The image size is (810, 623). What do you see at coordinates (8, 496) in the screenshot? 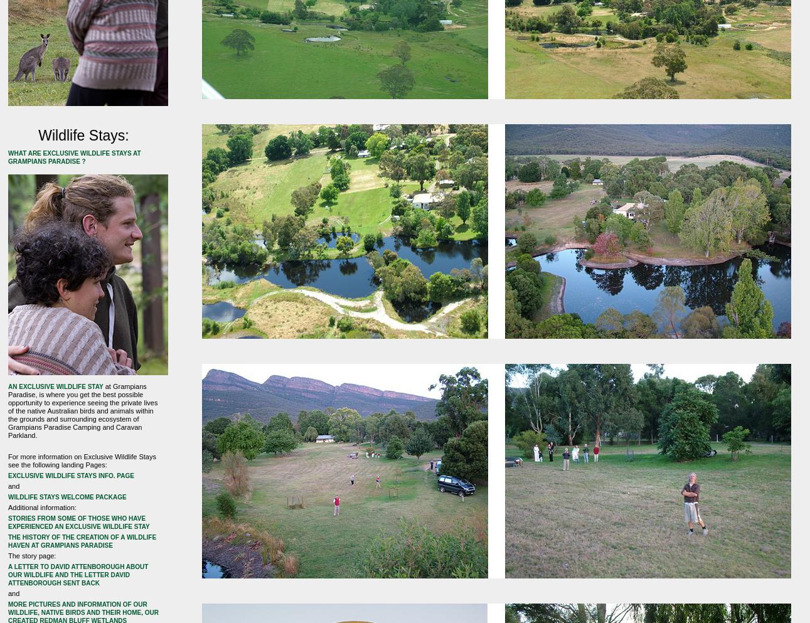
I see `'Wildlife Stays Welcome Package'` at bounding box center [8, 496].